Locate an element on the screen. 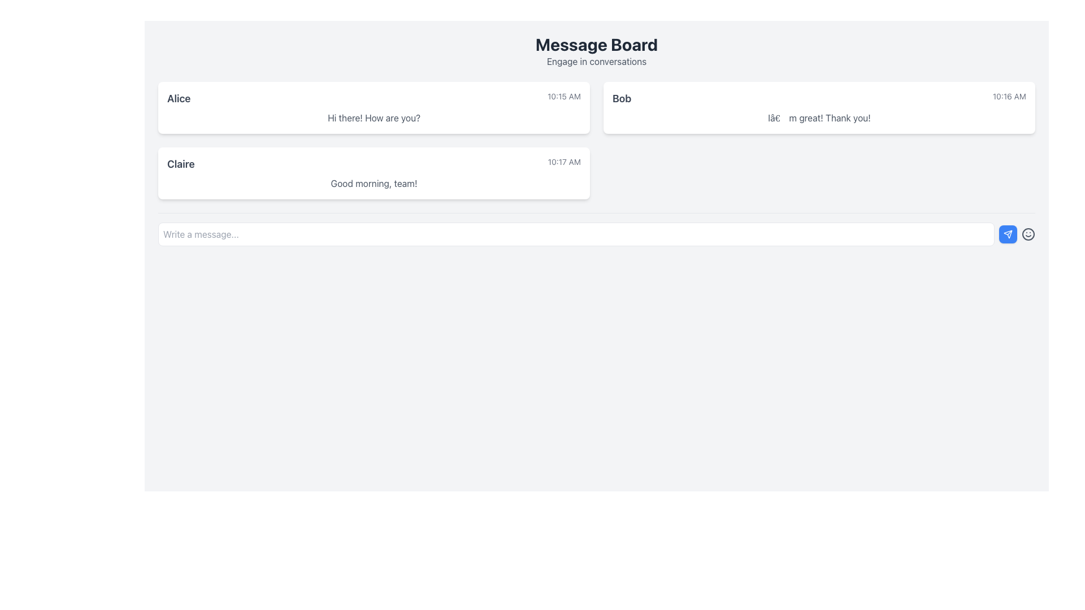  timestamp text element located at the far-right side of Bob's message block in the chat application is located at coordinates (1009, 98).